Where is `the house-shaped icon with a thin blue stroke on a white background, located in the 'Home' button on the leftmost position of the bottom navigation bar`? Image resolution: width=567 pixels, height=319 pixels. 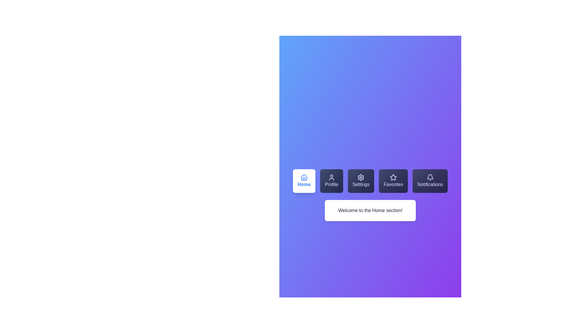
the house-shaped icon with a thin blue stroke on a white background, located in the 'Home' button on the leftmost position of the bottom navigation bar is located at coordinates (304, 177).